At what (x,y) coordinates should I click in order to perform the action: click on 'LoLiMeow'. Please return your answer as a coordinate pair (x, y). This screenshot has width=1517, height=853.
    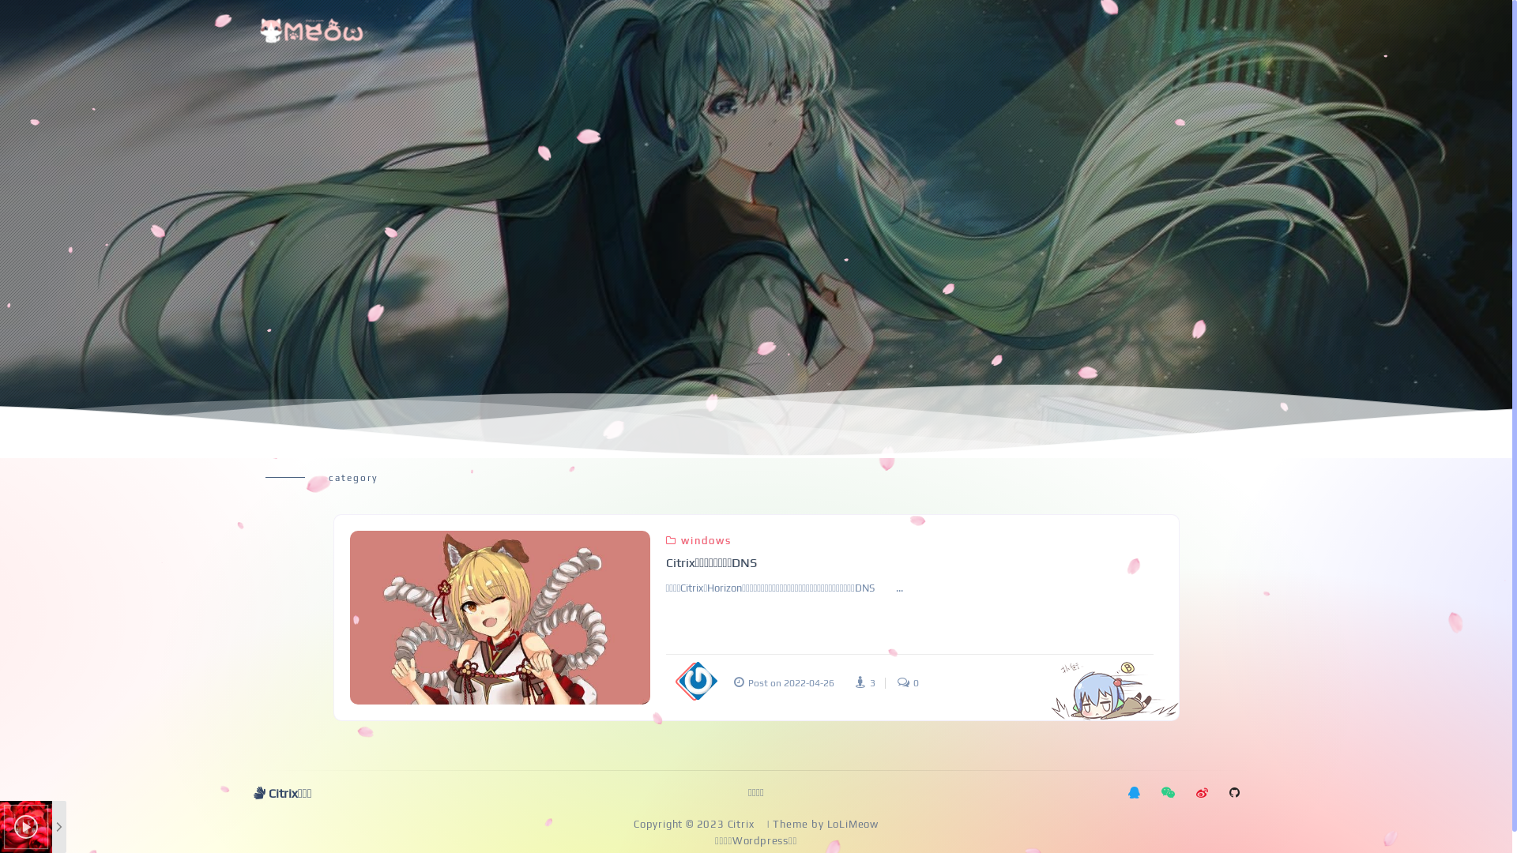
    Looking at the image, I should click on (851, 823).